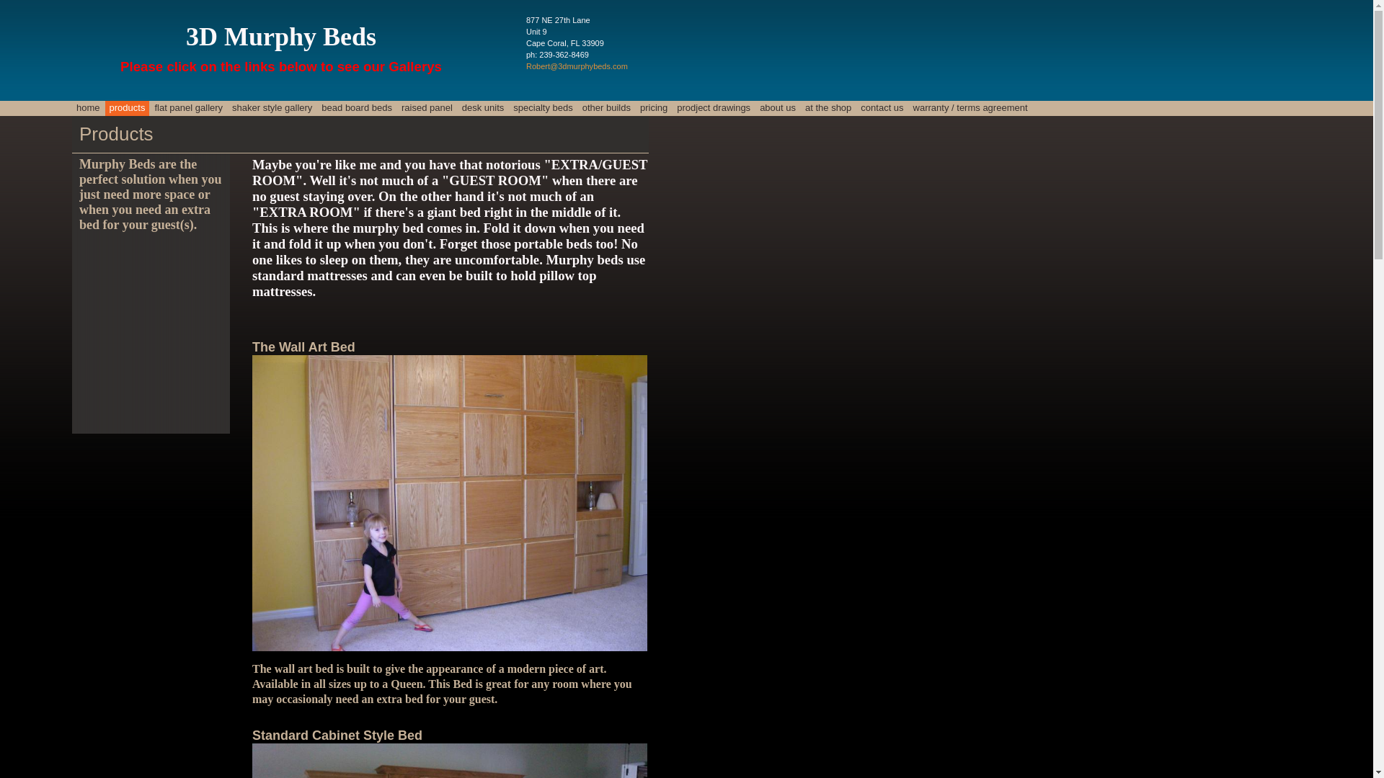 The height and width of the screenshot is (778, 1384). Describe the element at coordinates (577, 66) in the screenshot. I see `'Robert@3dmurphybeds.com'` at that location.